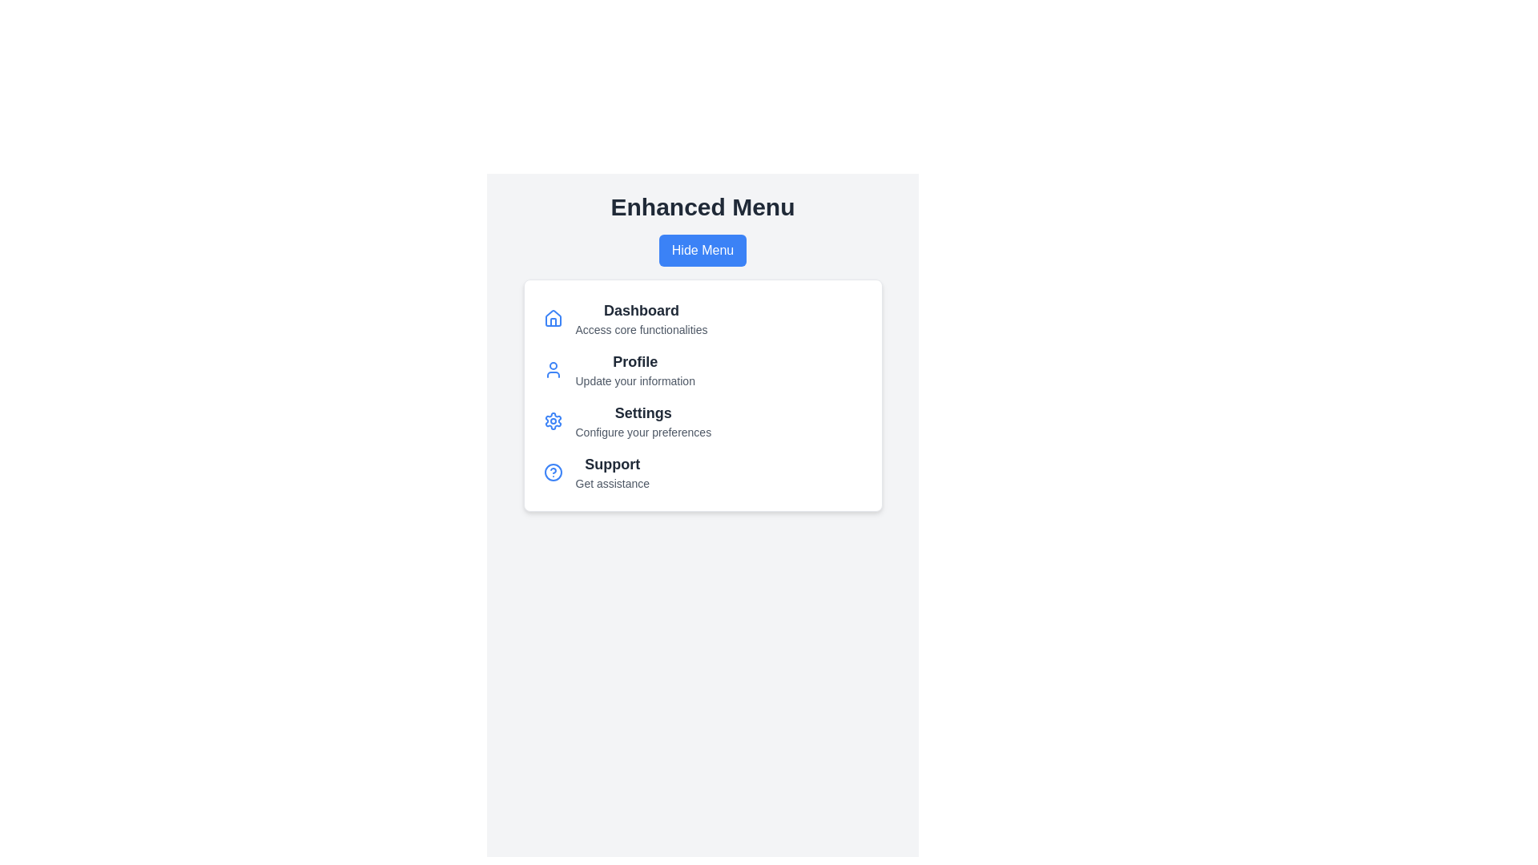  Describe the element at coordinates (553, 472) in the screenshot. I see `the icon of the menu item labeled Support` at that location.